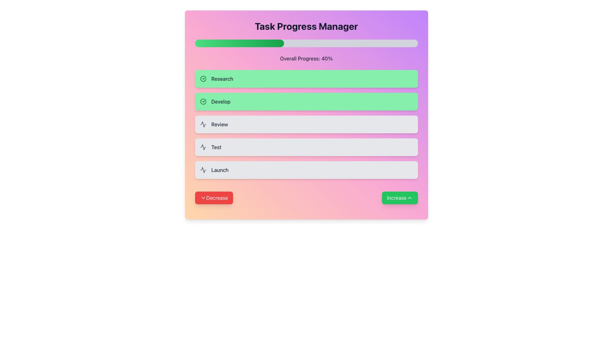  What do you see at coordinates (214, 197) in the screenshot?
I see `the red 'Decrease' button with white text and a downward chevron icon` at bounding box center [214, 197].